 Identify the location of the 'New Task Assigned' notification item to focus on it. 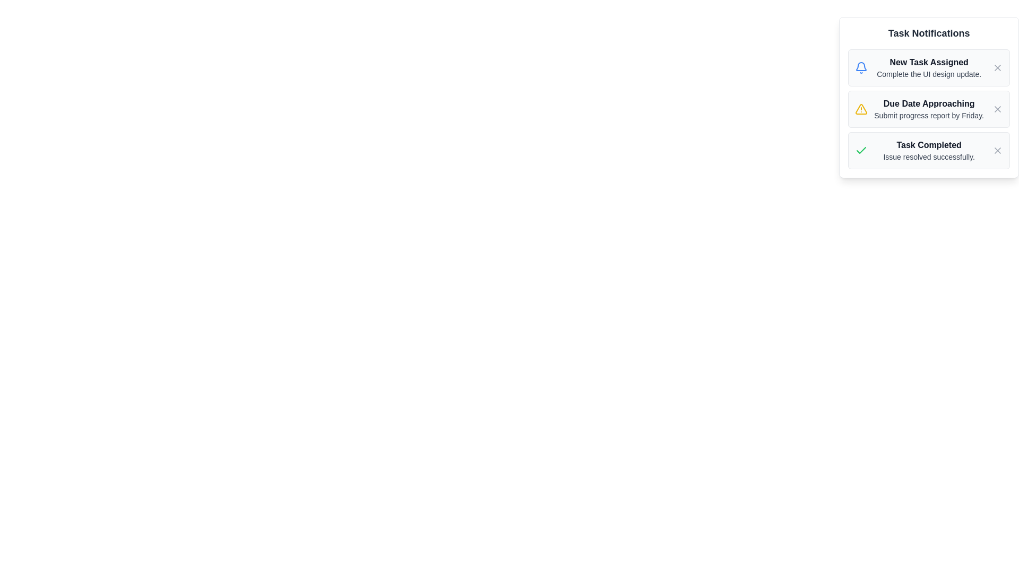
(928, 67).